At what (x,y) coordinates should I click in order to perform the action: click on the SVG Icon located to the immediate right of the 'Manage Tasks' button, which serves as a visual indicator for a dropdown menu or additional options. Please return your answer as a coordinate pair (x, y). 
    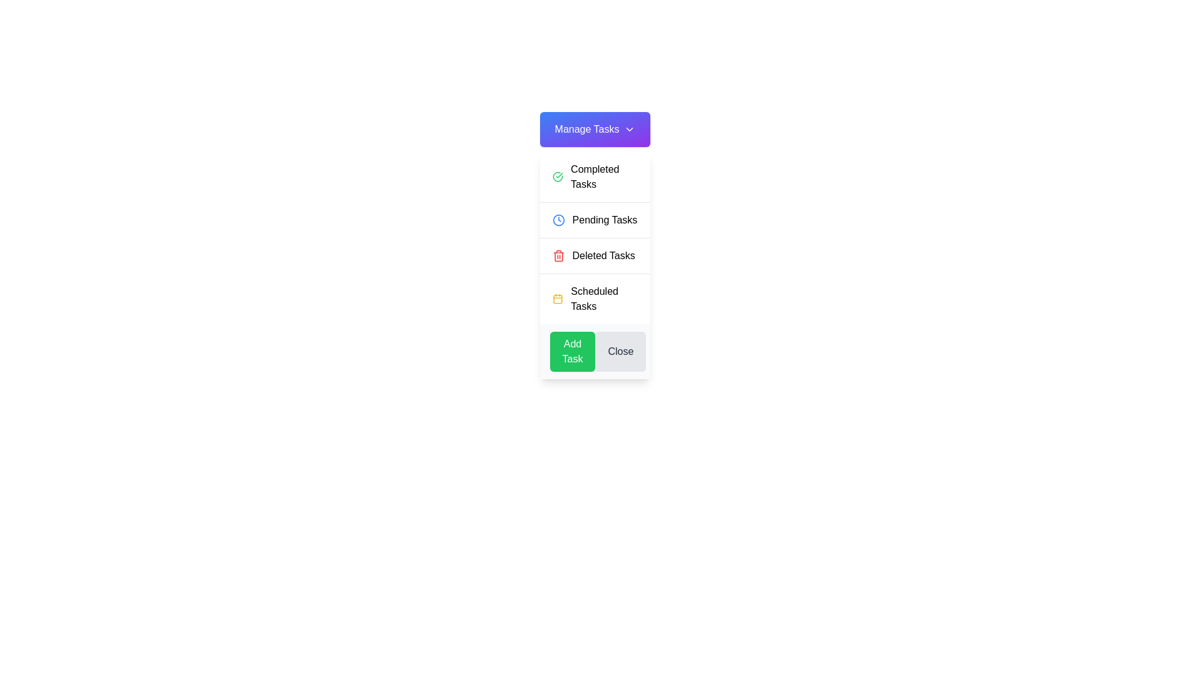
    Looking at the image, I should click on (630, 130).